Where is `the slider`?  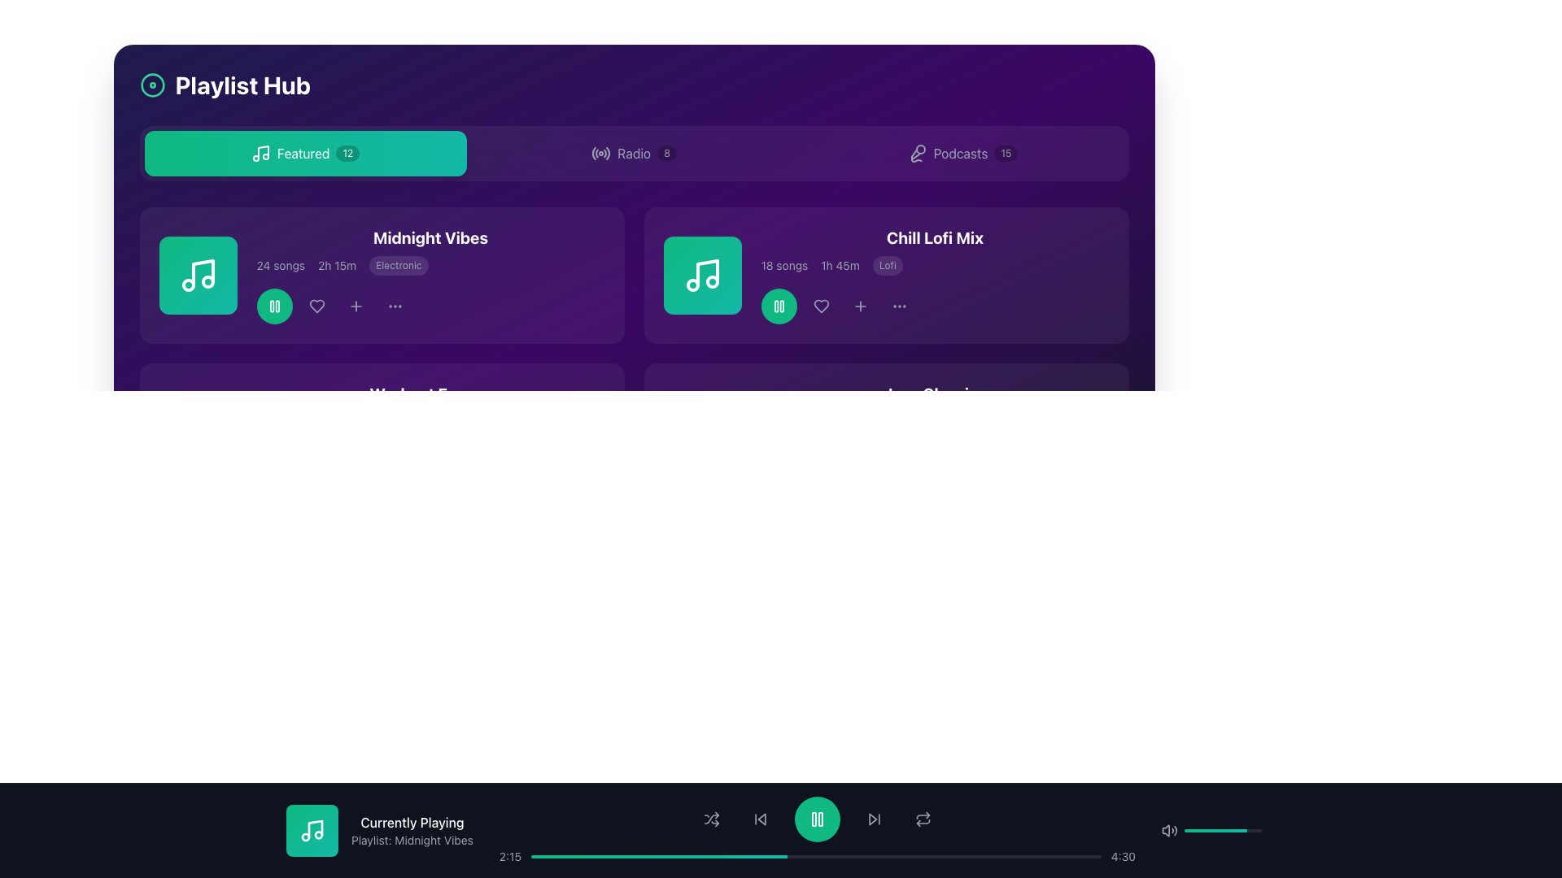 the slider is located at coordinates (1222, 831).